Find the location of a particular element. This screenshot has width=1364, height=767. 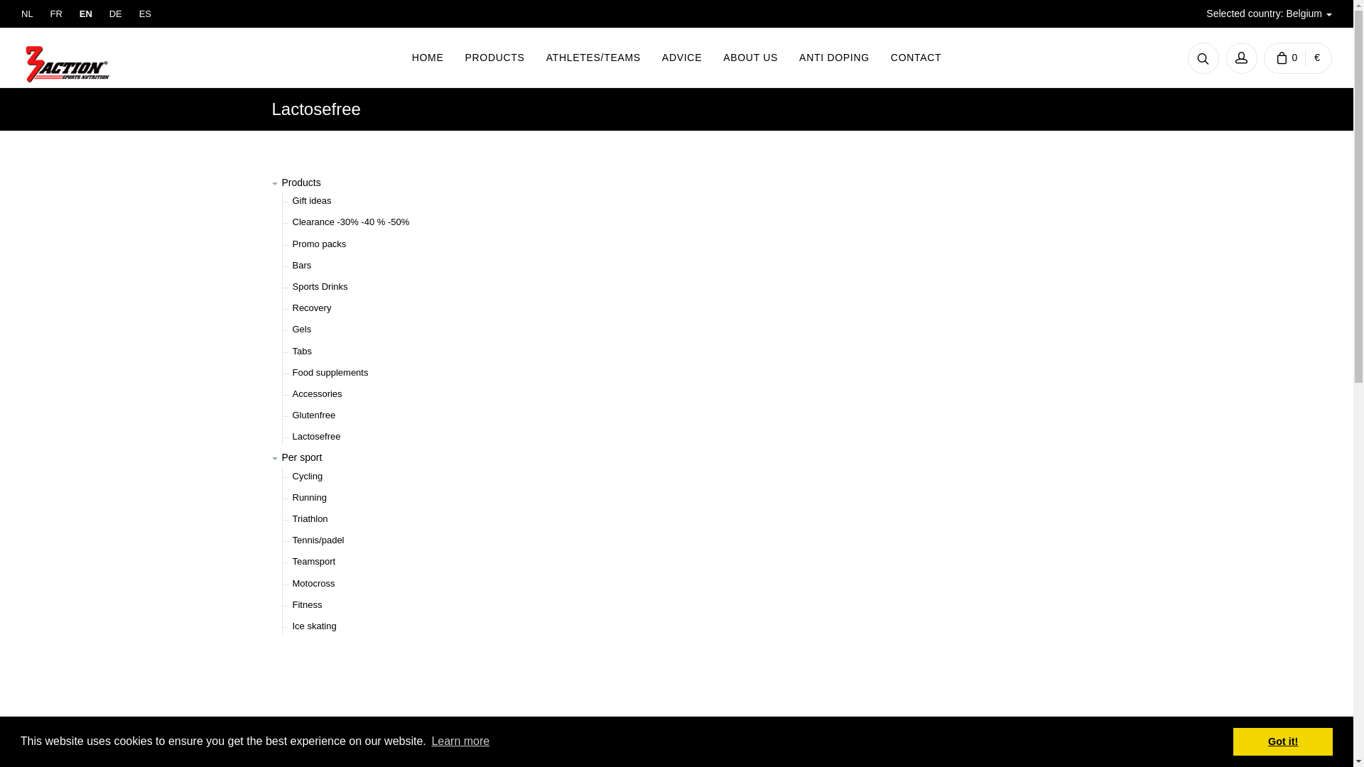

'ADVICE' is located at coordinates (682, 57).